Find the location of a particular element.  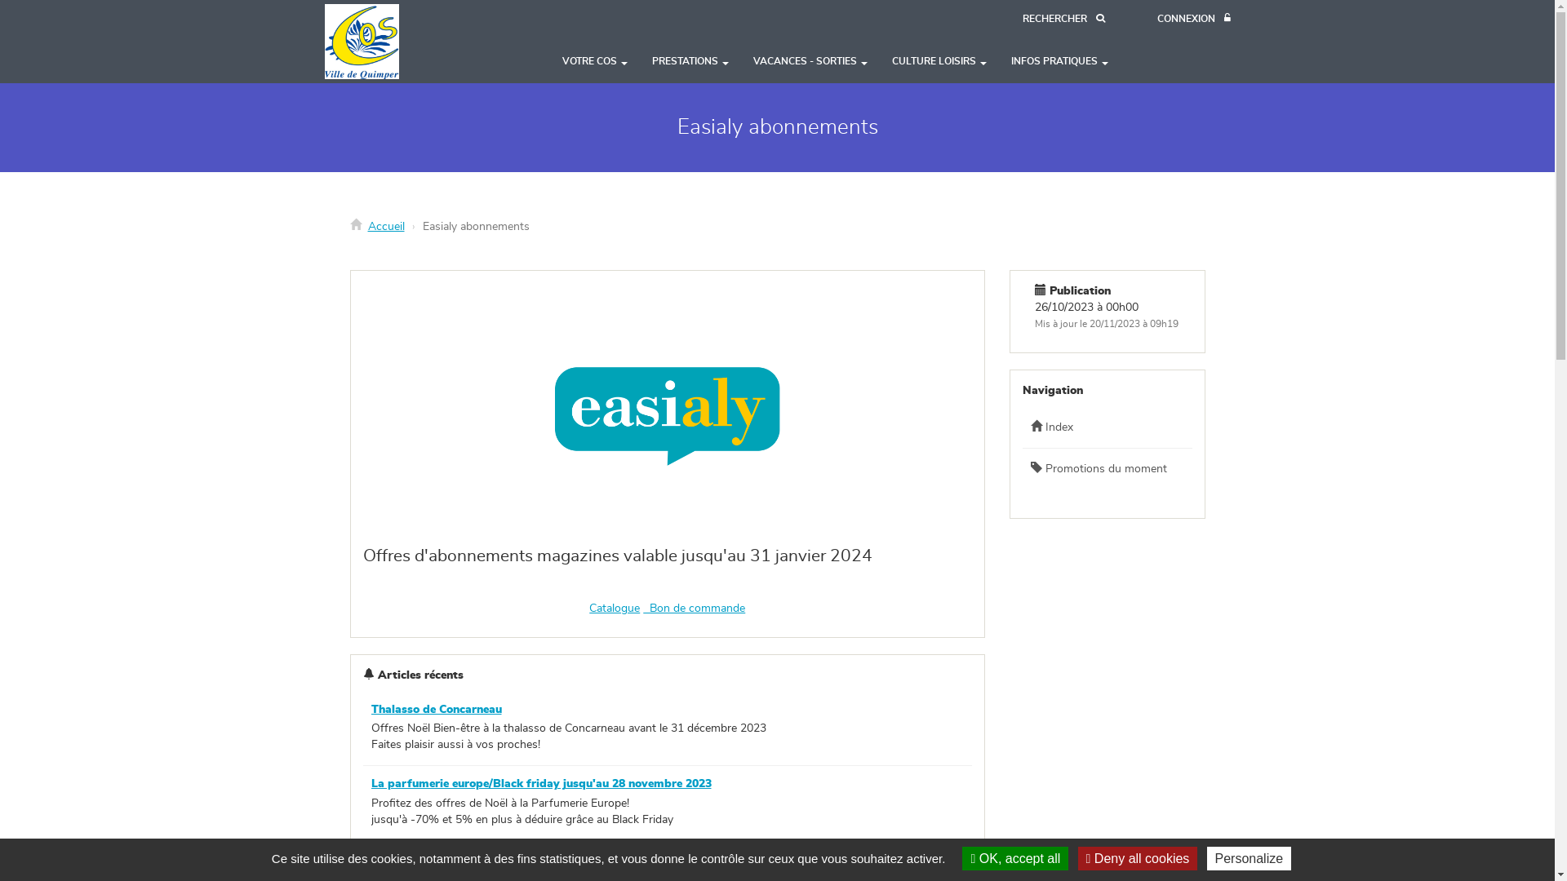

'INFOS PRATIQUES' is located at coordinates (1059, 60).